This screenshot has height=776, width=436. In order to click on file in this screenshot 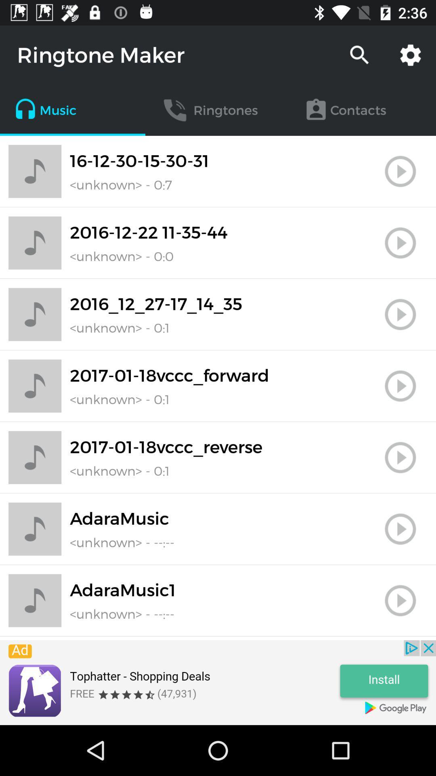, I will do `click(400, 314)`.